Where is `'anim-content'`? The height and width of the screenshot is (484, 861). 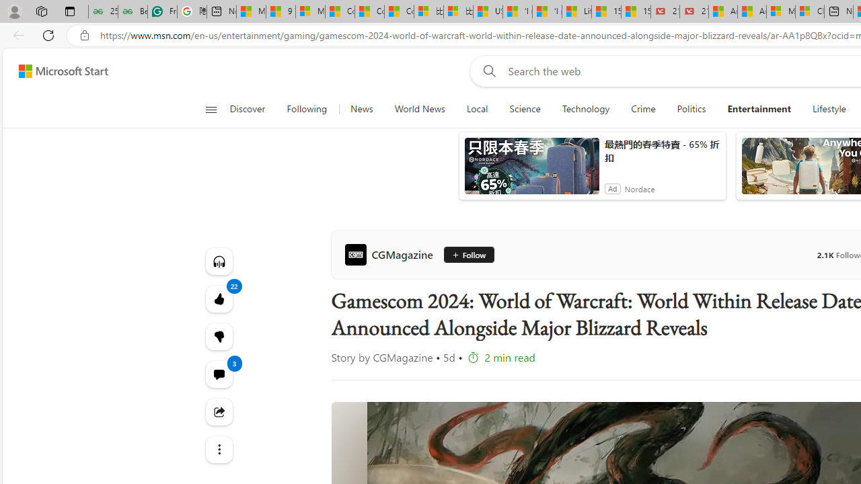
'anim-content' is located at coordinates (531, 171).